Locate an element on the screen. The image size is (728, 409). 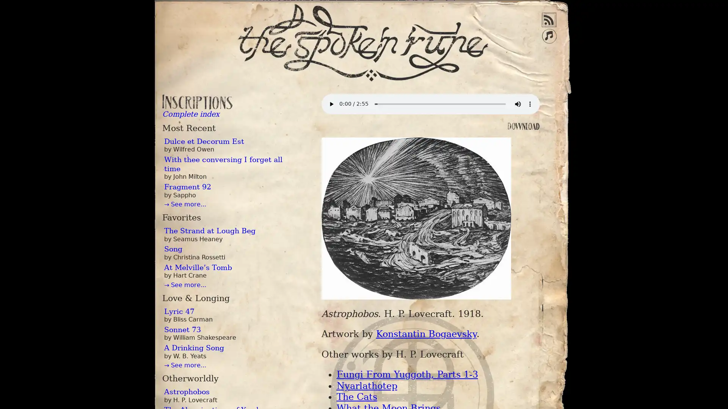
play is located at coordinates (331, 104).